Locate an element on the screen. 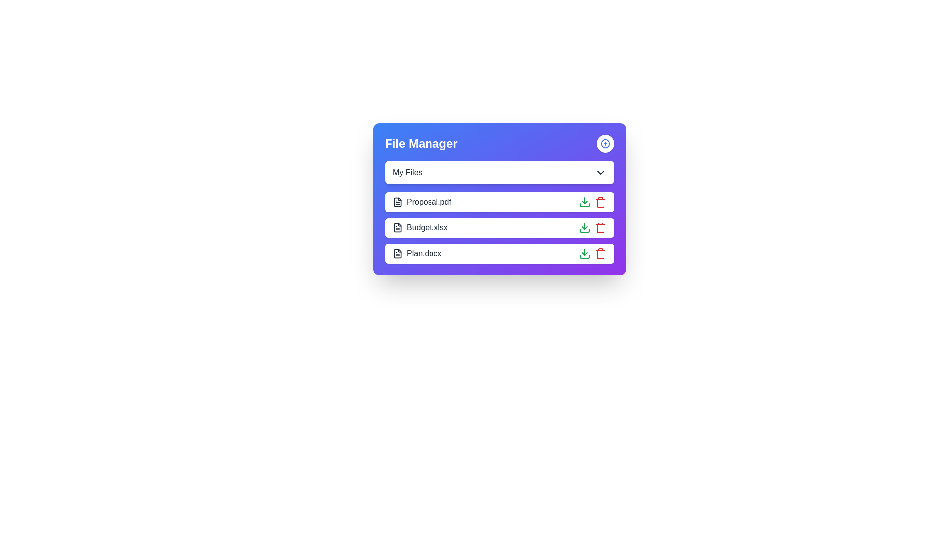 Image resolution: width=949 pixels, height=534 pixels. the Dropdown menu labeled 'My Files' is located at coordinates (500, 172).